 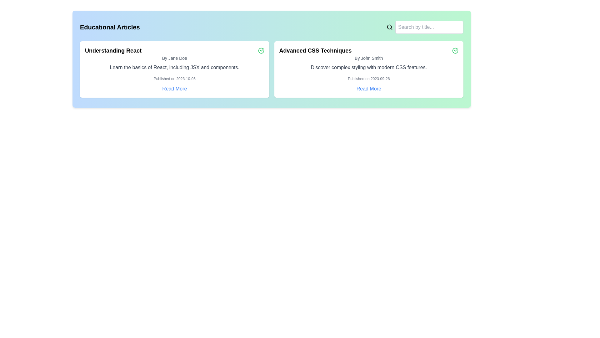 What do you see at coordinates (315, 50) in the screenshot?
I see `text content of the bold label displaying 'Advanced CSS Techniques' at the top of the right-hand card` at bounding box center [315, 50].